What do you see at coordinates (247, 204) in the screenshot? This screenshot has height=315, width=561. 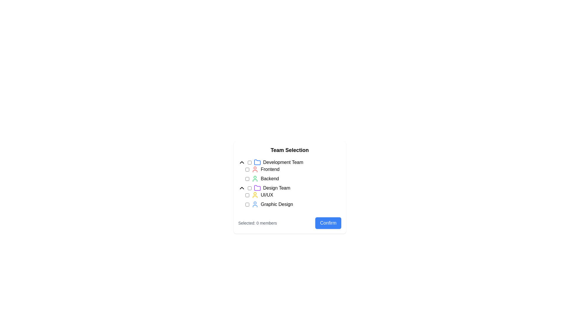 I see `the checkbox adjacent to the text 'Graphic Design'` at bounding box center [247, 204].